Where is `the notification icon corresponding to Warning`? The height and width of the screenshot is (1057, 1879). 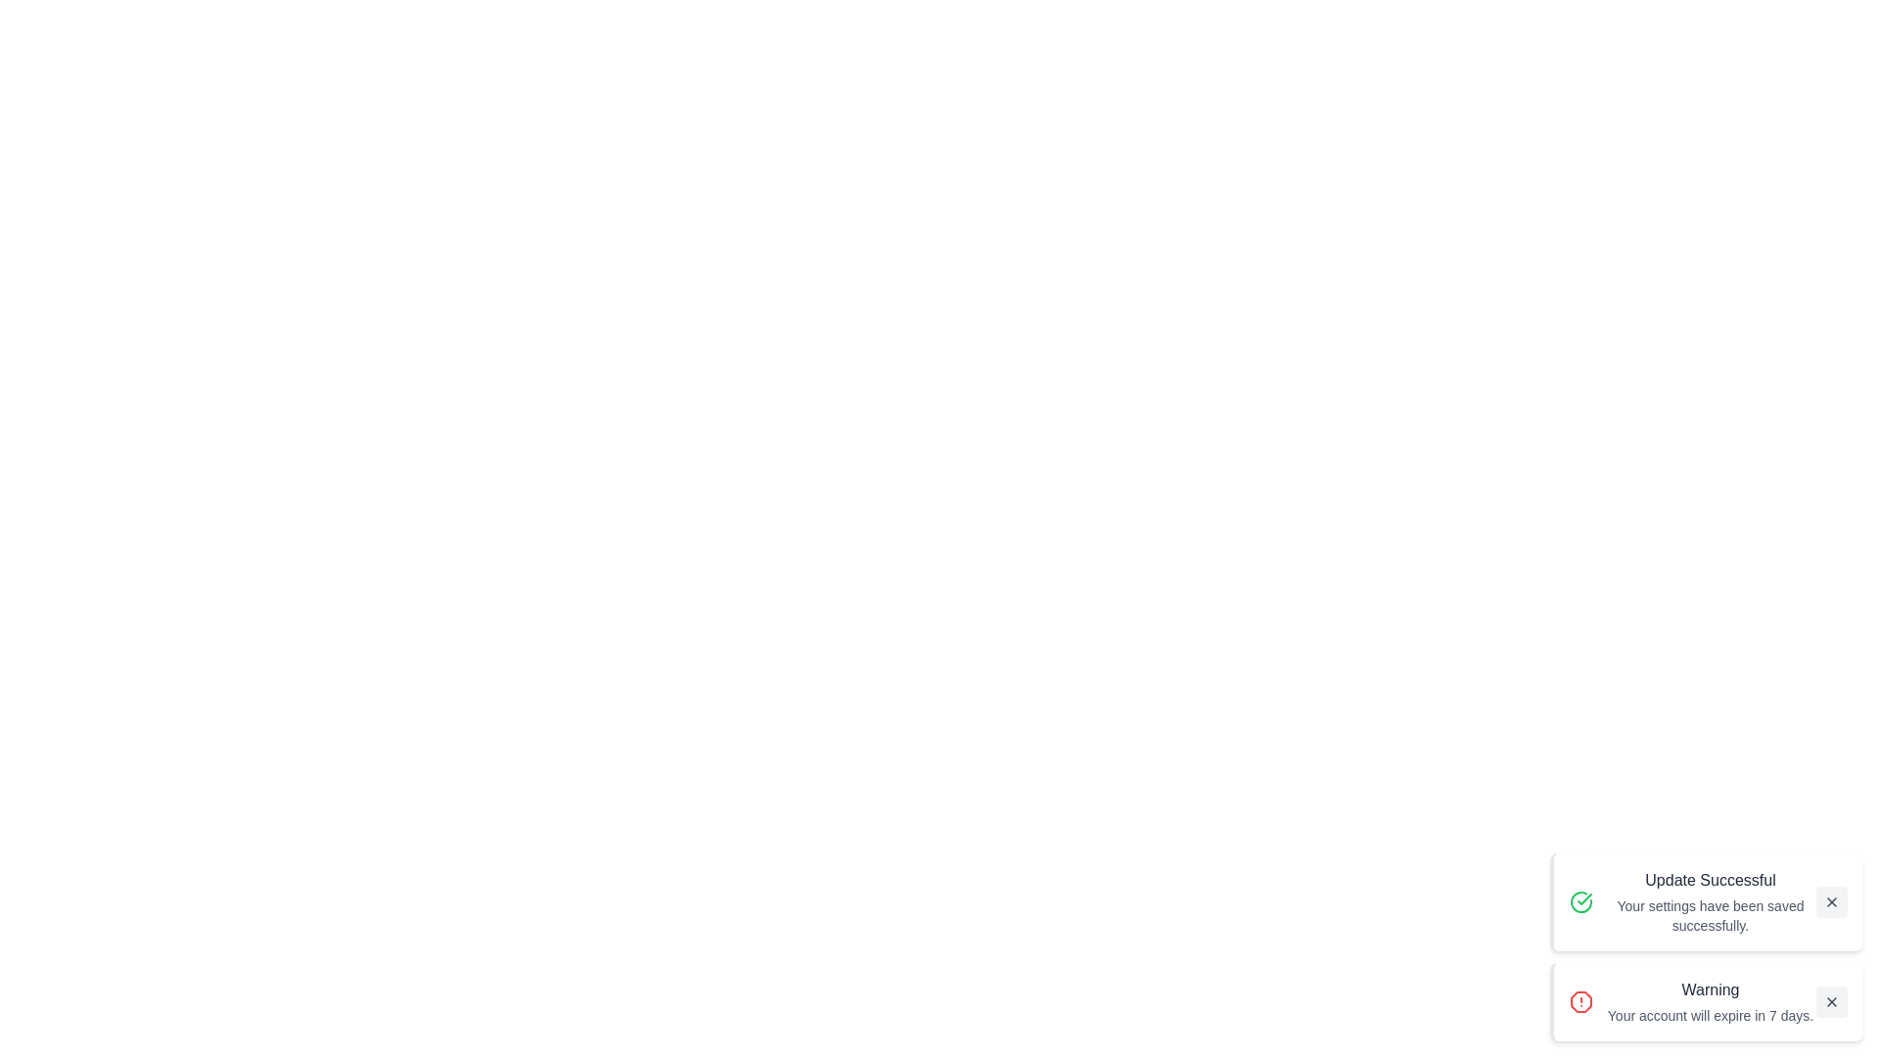
the notification icon corresponding to Warning is located at coordinates (1581, 1001).